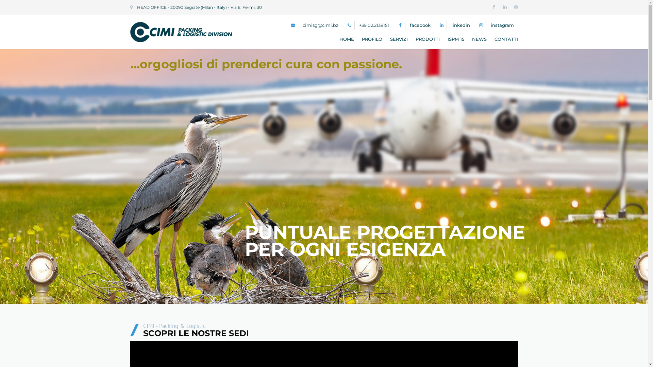  What do you see at coordinates (460, 24) in the screenshot?
I see `'linkedin'` at bounding box center [460, 24].